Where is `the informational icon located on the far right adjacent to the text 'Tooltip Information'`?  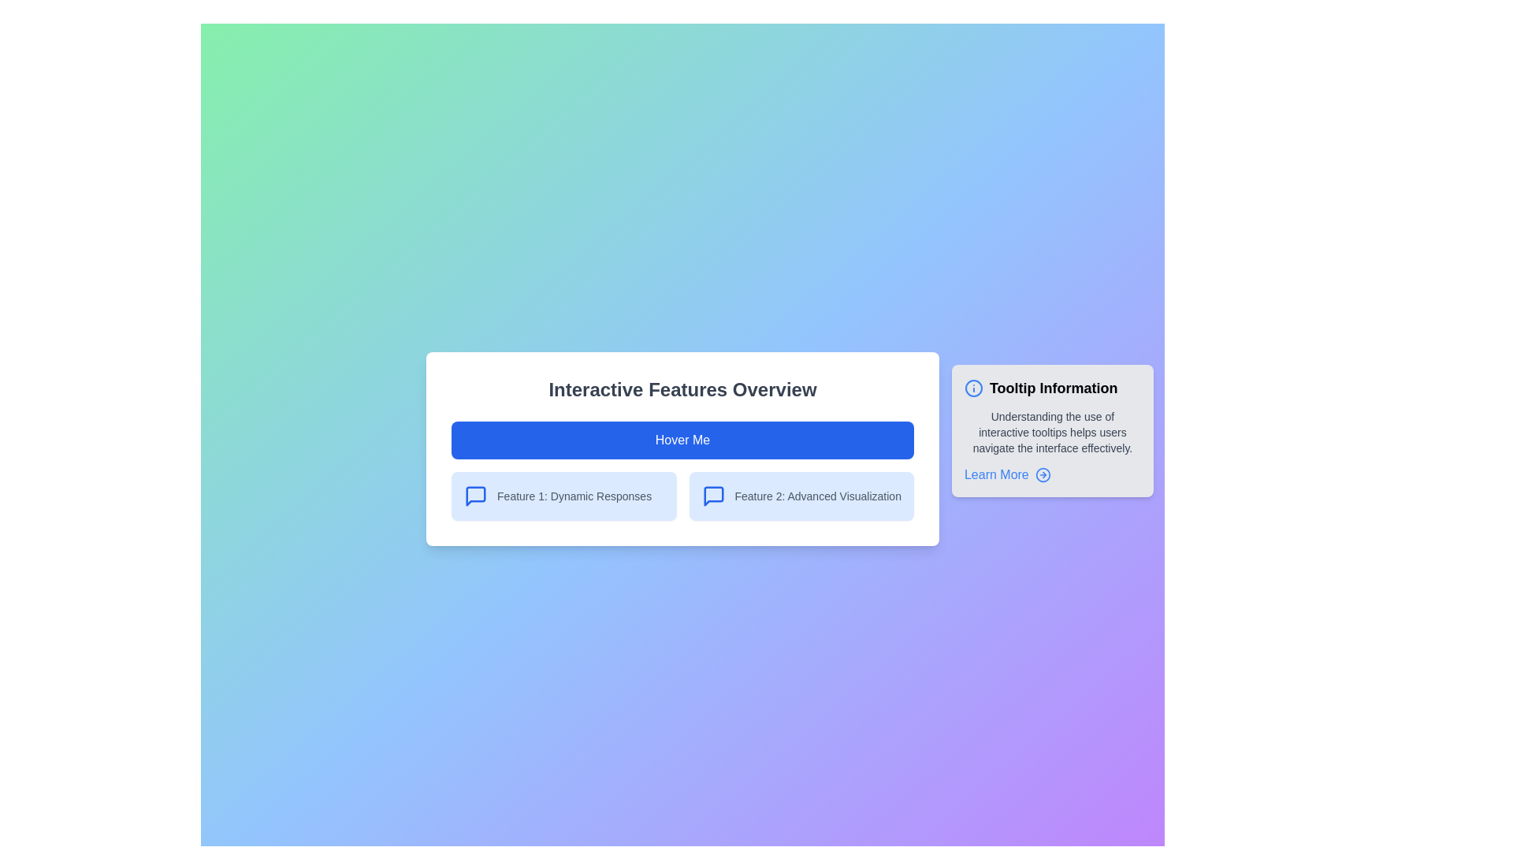
the informational icon located on the far right adjacent to the text 'Tooltip Information' is located at coordinates (972, 388).